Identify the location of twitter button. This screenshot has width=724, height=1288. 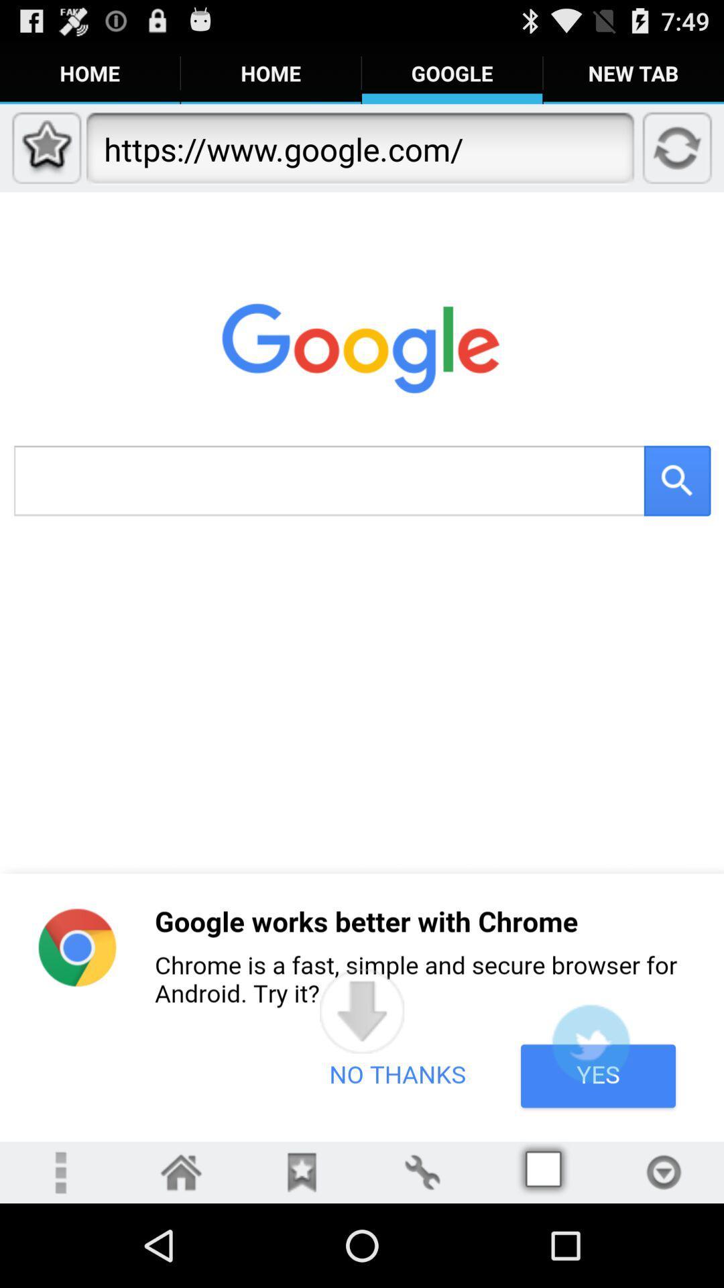
(590, 1042).